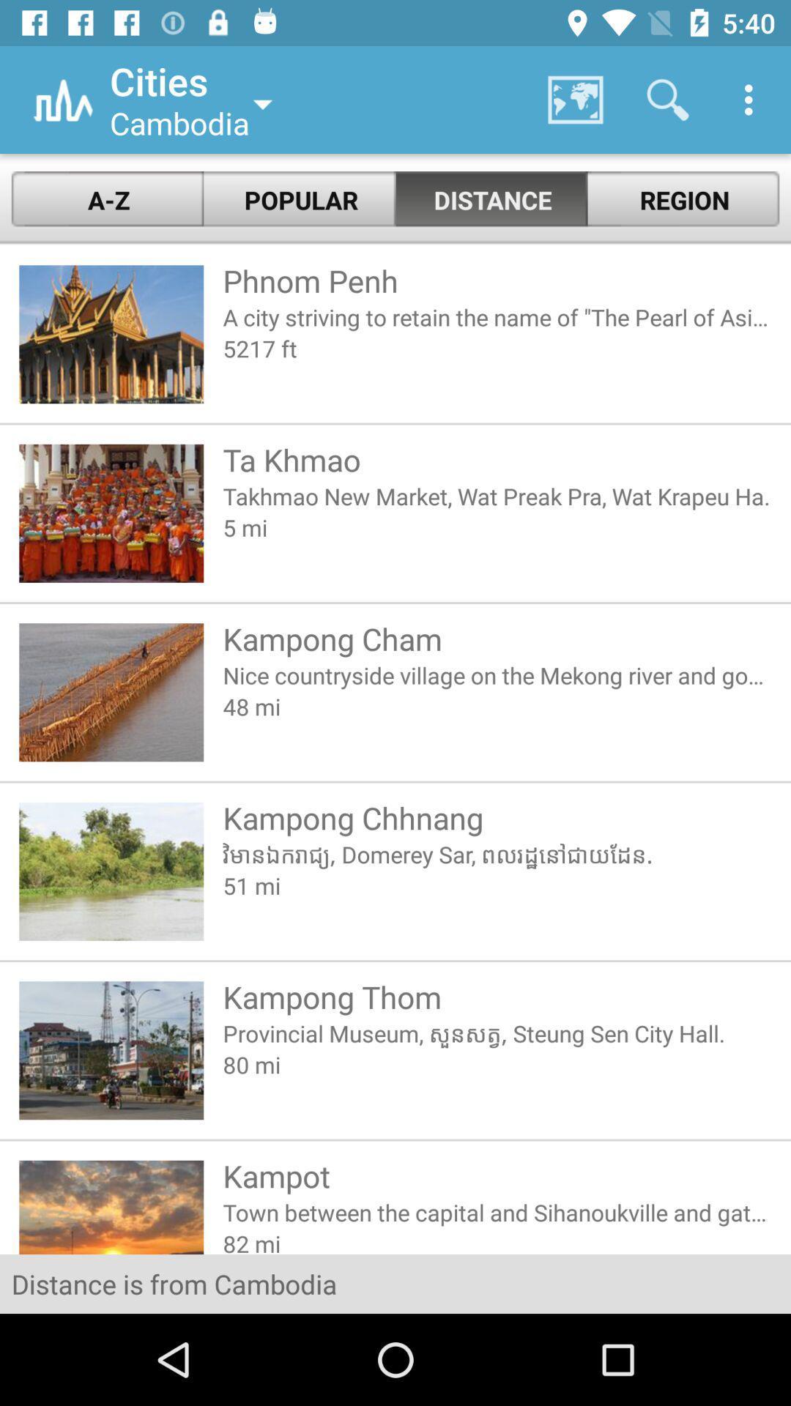 The width and height of the screenshot is (791, 1406). What do you see at coordinates (752, 100) in the screenshot?
I see `the icon next to search icon` at bounding box center [752, 100].